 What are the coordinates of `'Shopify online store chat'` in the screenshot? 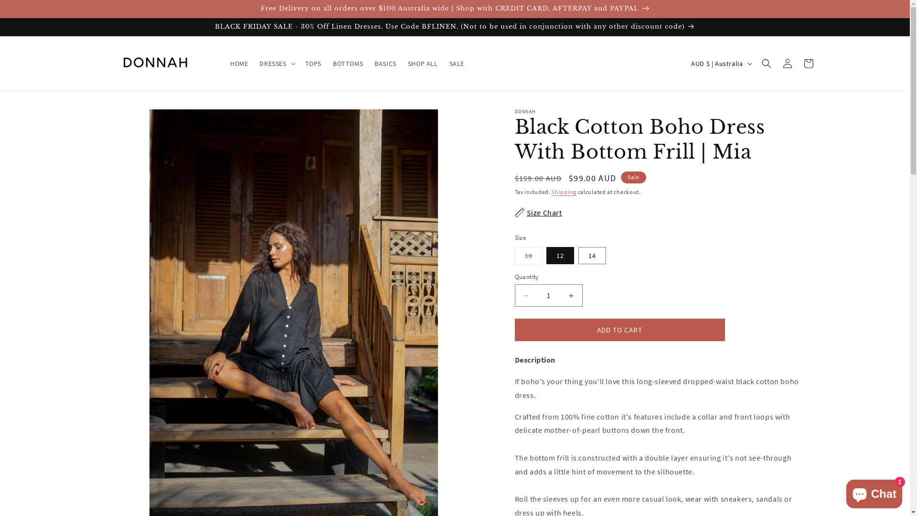 It's located at (843, 492).